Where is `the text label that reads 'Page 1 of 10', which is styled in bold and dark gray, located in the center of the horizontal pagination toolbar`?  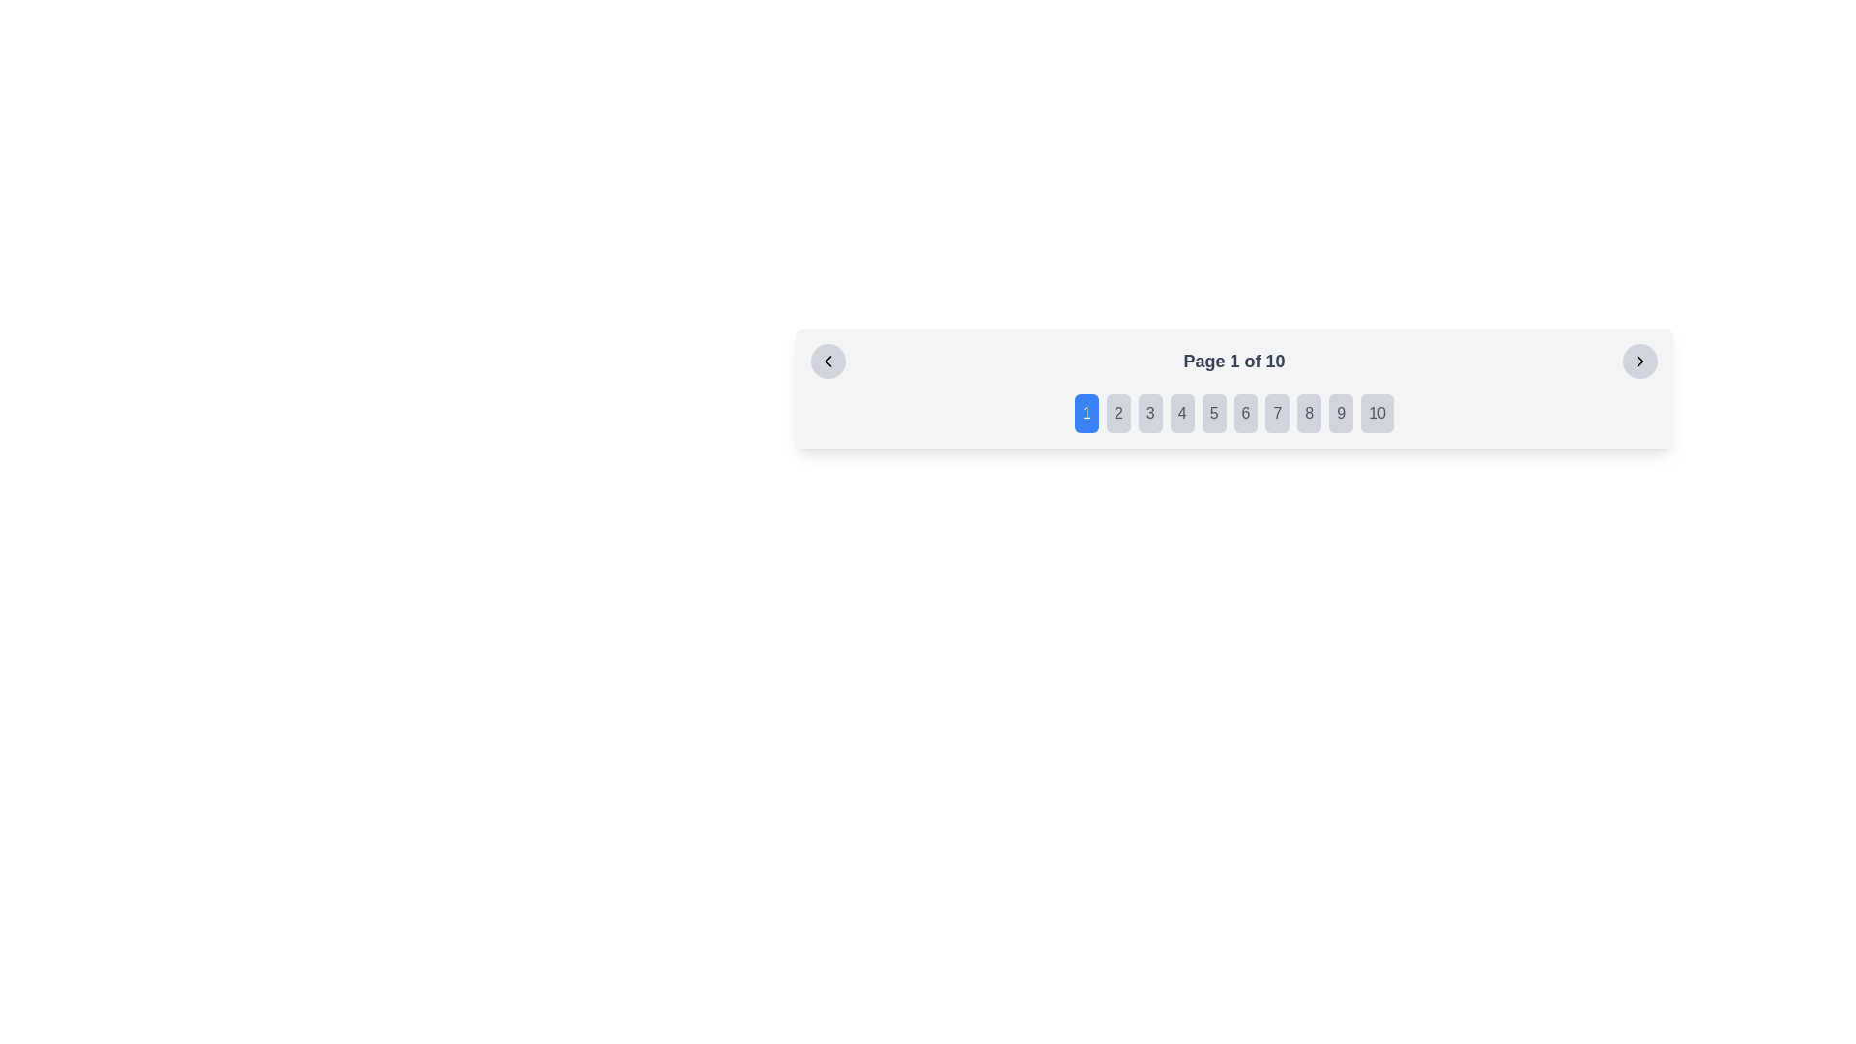
the text label that reads 'Page 1 of 10', which is styled in bold and dark gray, located in the center of the horizontal pagination toolbar is located at coordinates (1232, 362).